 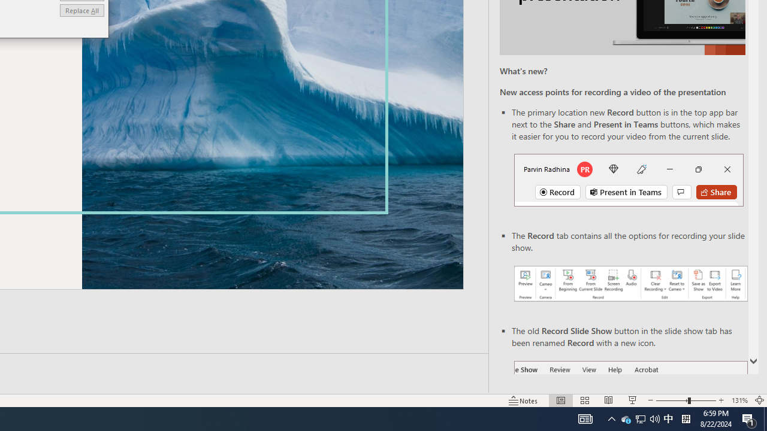 What do you see at coordinates (611, 418) in the screenshot?
I see `'Notification Chevron'` at bounding box center [611, 418].